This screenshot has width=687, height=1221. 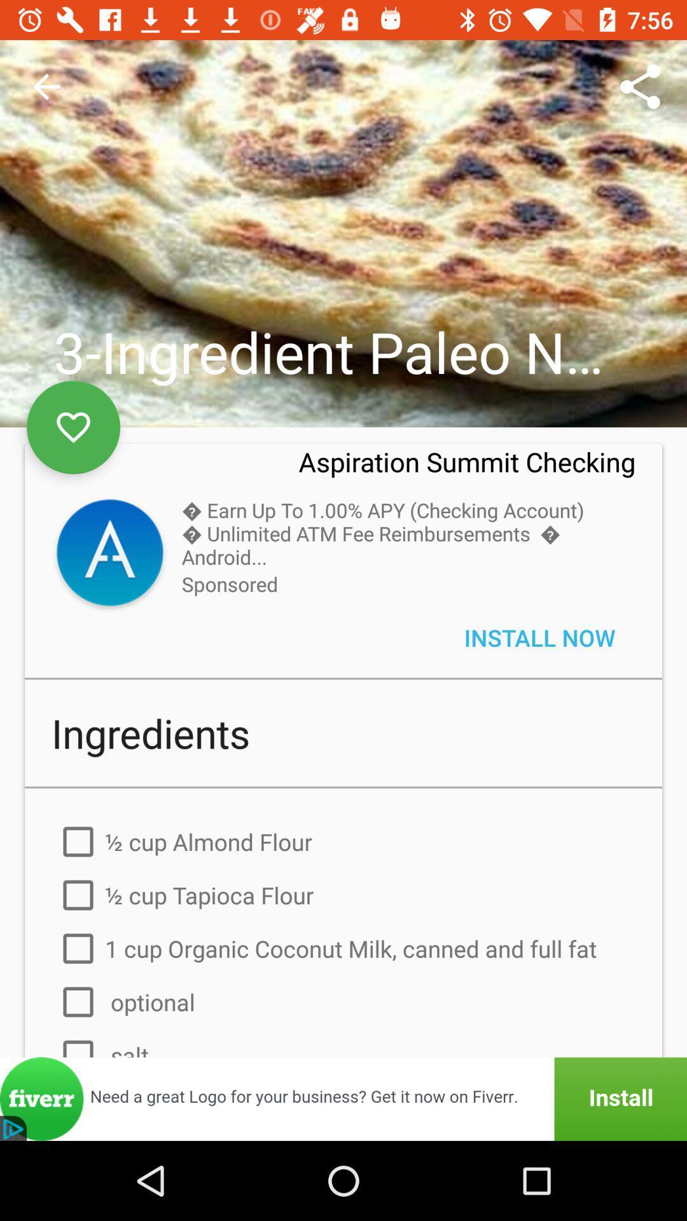 What do you see at coordinates (343, 894) in the screenshot?
I see `the 12 cup tapioca flour option` at bounding box center [343, 894].